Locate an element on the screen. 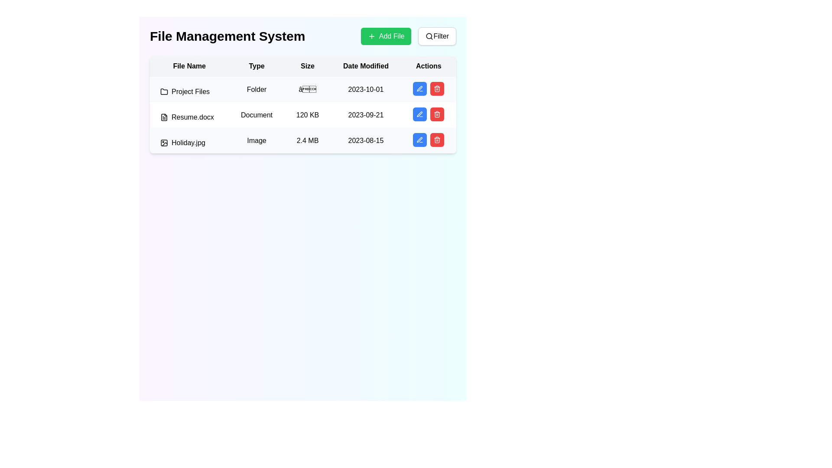  the file entry labeled 'Resume.docx' in the second row of the file listing table under the 'File Name' column is located at coordinates (189, 117).